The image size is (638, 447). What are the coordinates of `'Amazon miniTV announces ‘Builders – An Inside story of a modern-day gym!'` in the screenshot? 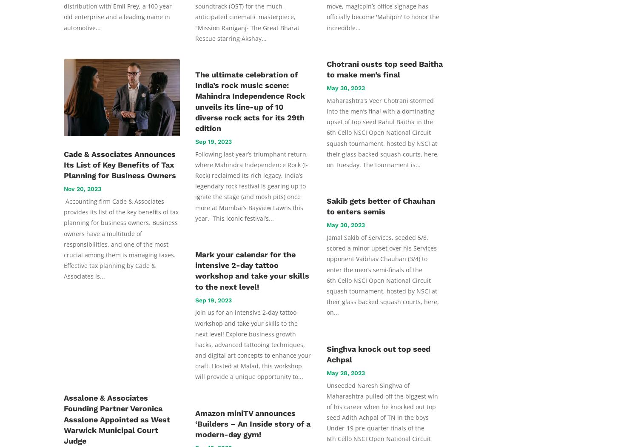 It's located at (252, 424).